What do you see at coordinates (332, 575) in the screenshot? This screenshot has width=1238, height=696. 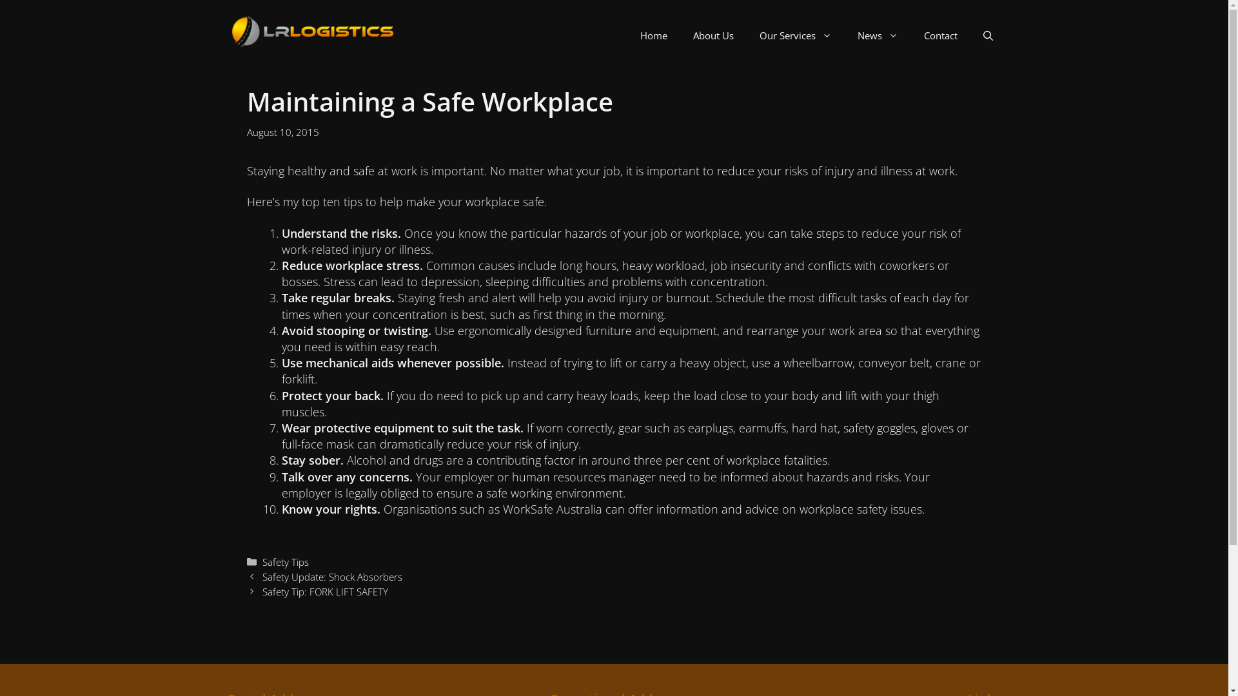 I see `'Safety Update: Shock Absorbers'` at bounding box center [332, 575].